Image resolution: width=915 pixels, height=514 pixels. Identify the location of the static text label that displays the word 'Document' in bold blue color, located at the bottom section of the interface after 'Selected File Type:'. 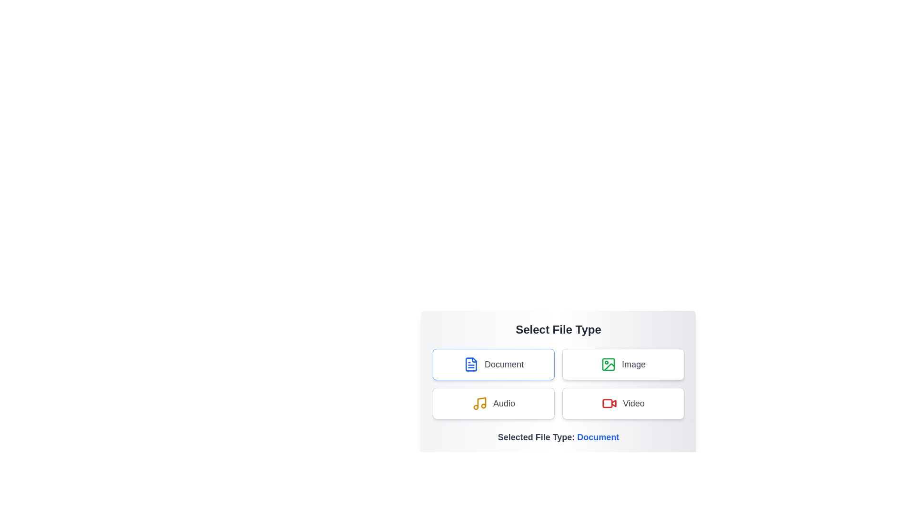
(598, 437).